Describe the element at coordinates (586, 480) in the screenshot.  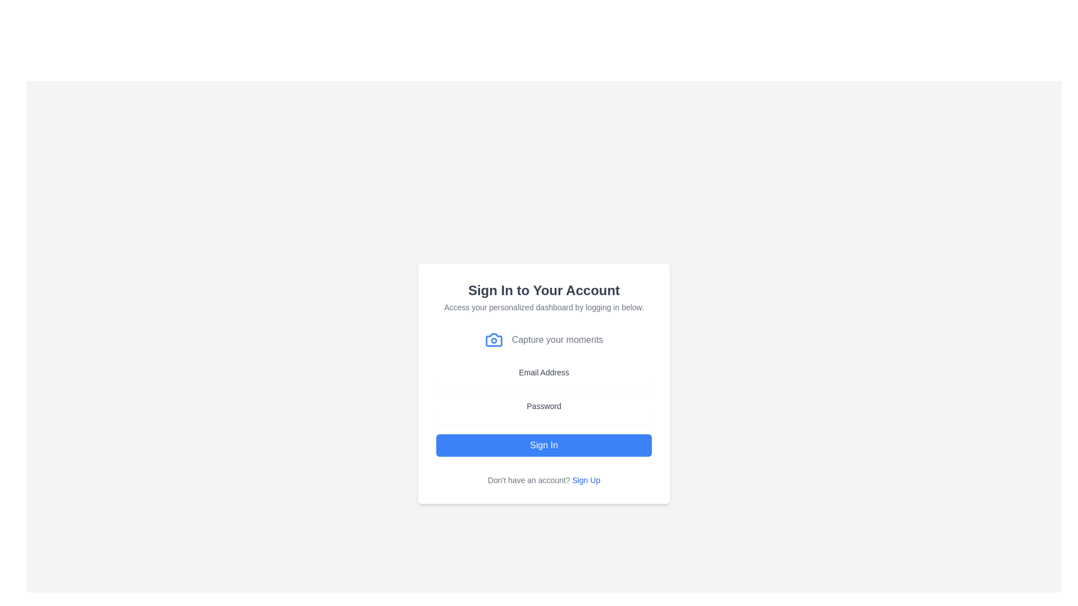
I see `the 'Sign Up' hyperlink located at the bottom center of the login interface` at that location.